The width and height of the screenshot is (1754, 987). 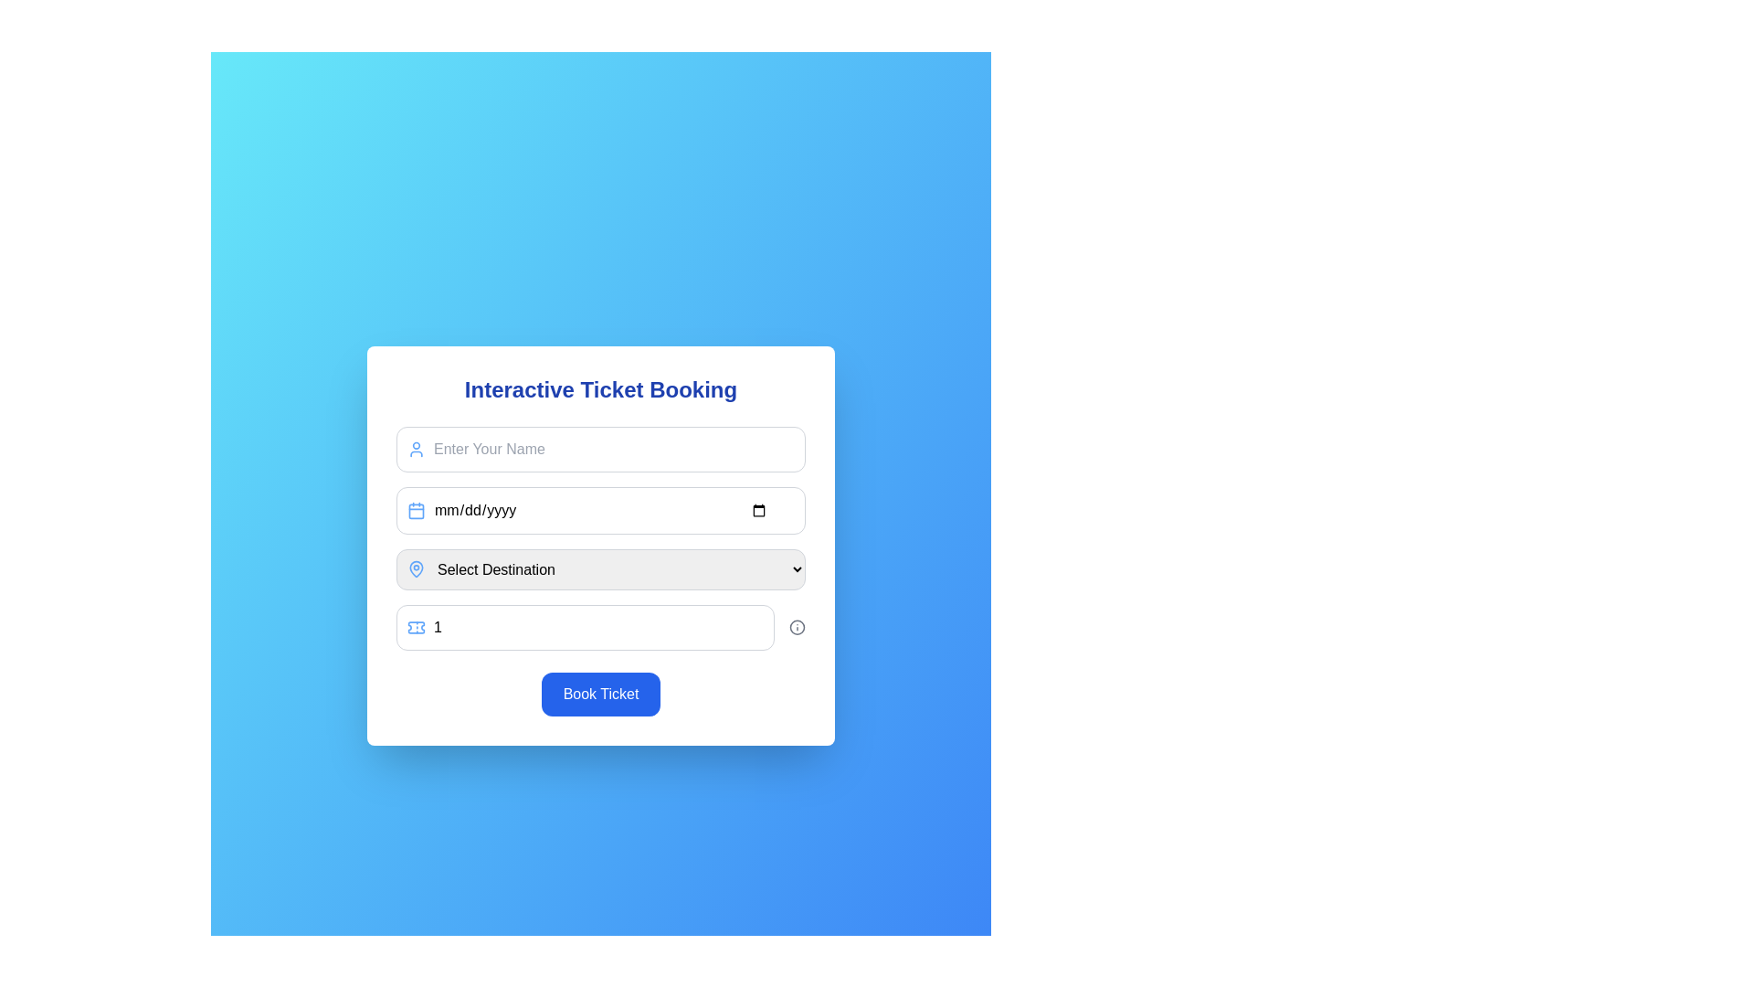 What do you see at coordinates (600, 545) in the screenshot?
I see `the dropdown menu at the bottom of the ticket booking form` at bounding box center [600, 545].